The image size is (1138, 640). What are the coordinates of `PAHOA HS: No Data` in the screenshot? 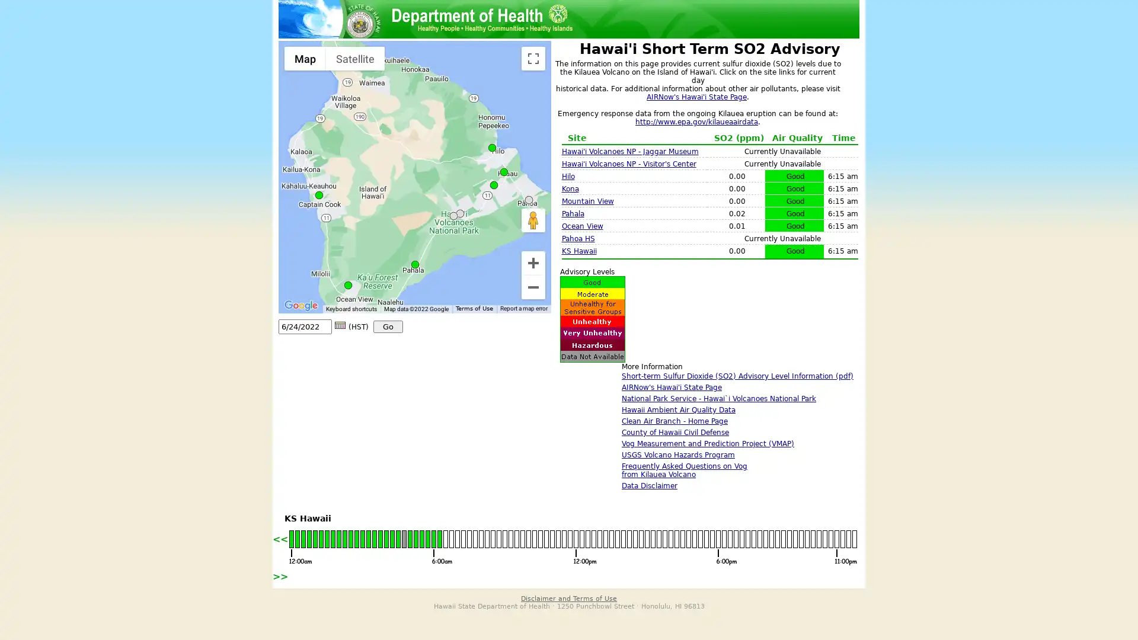 It's located at (528, 199).